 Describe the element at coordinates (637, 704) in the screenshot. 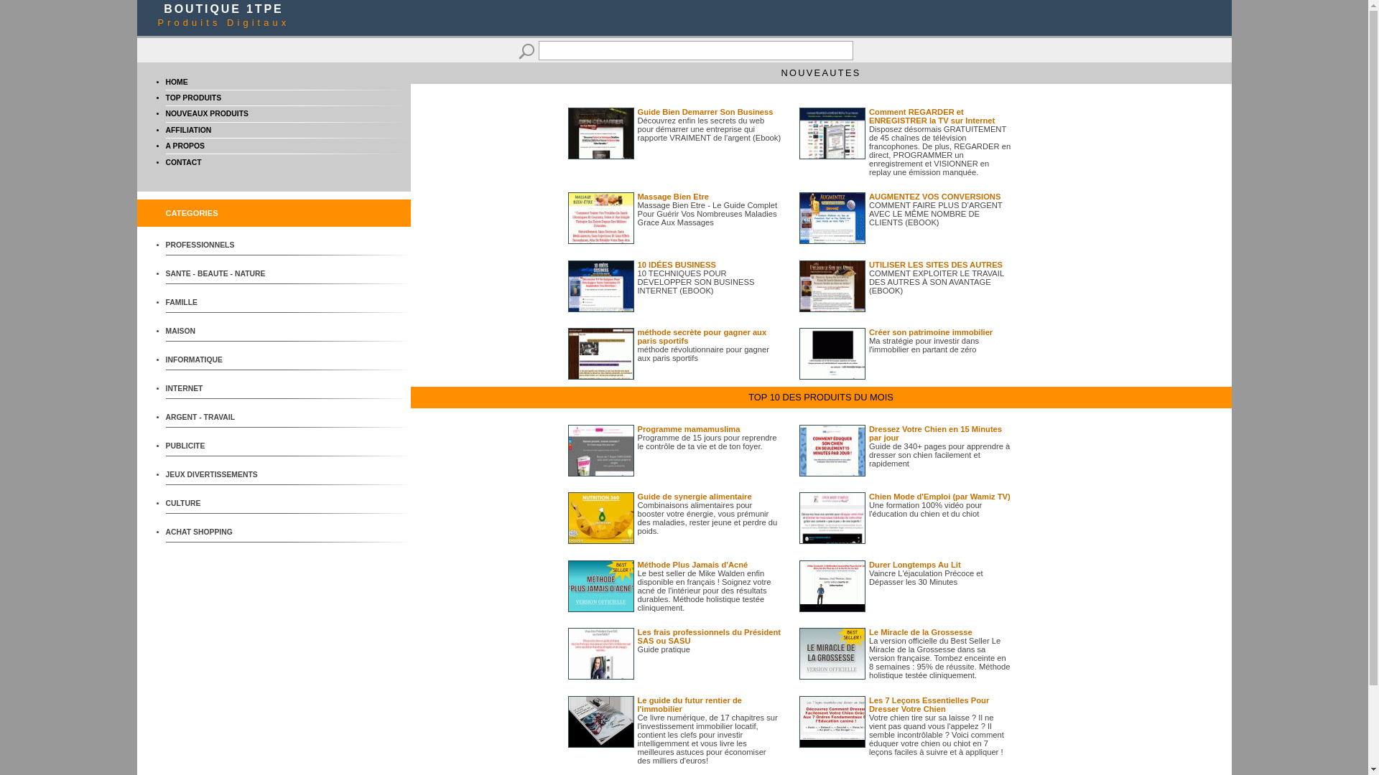

I see `'Le guide du futur rentier de l'immobilier'` at that location.